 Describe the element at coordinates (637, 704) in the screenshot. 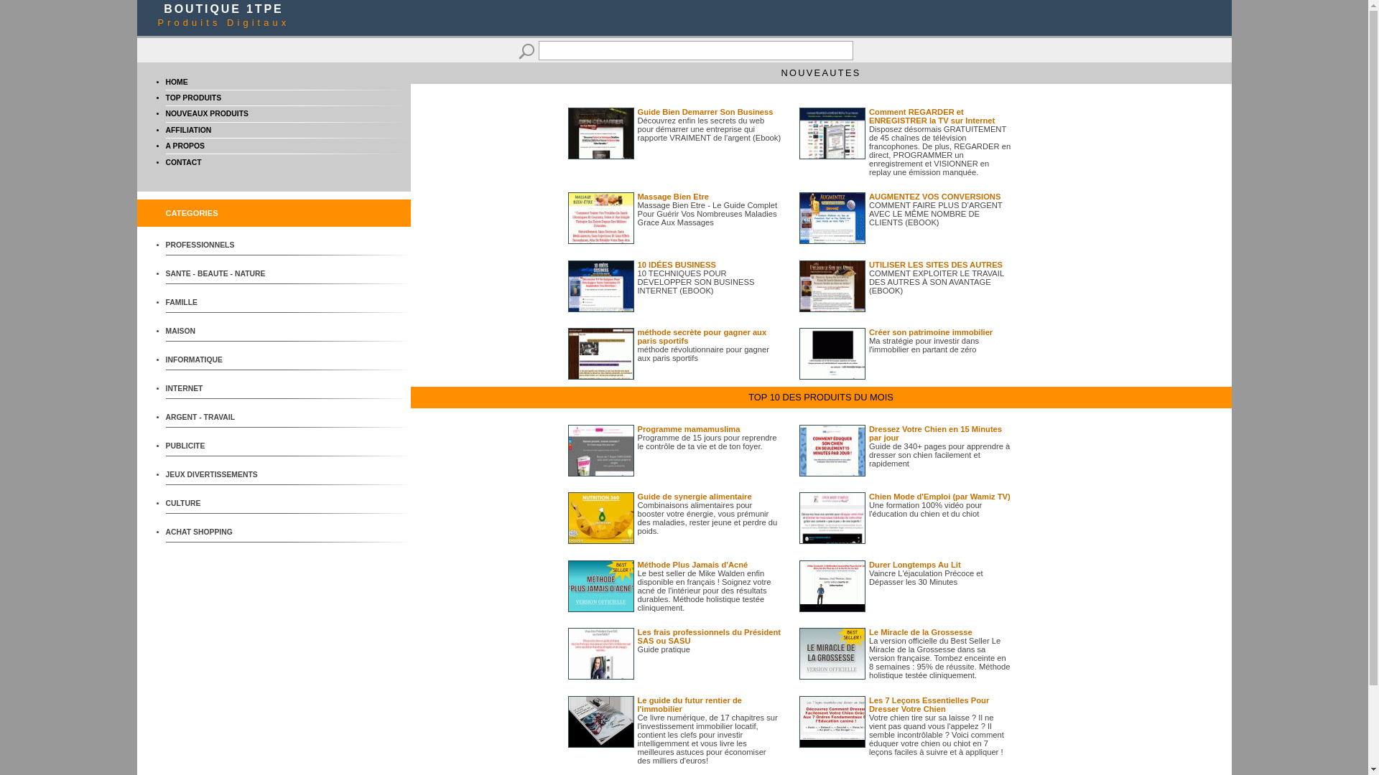

I see `'Le guide du futur rentier de l'immobilier'` at that location.